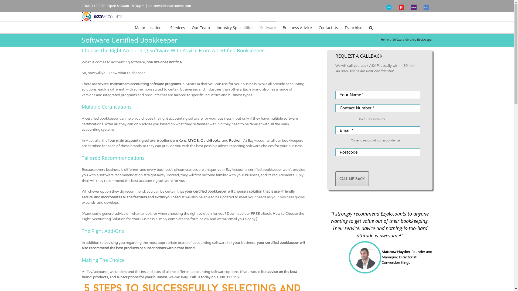 Image resolution: width=518 pixels, height=291 pixels. What do you see at coordinates (370, 27) in the screenshot?
I see `'Search'` at bounding box center [370, 27].